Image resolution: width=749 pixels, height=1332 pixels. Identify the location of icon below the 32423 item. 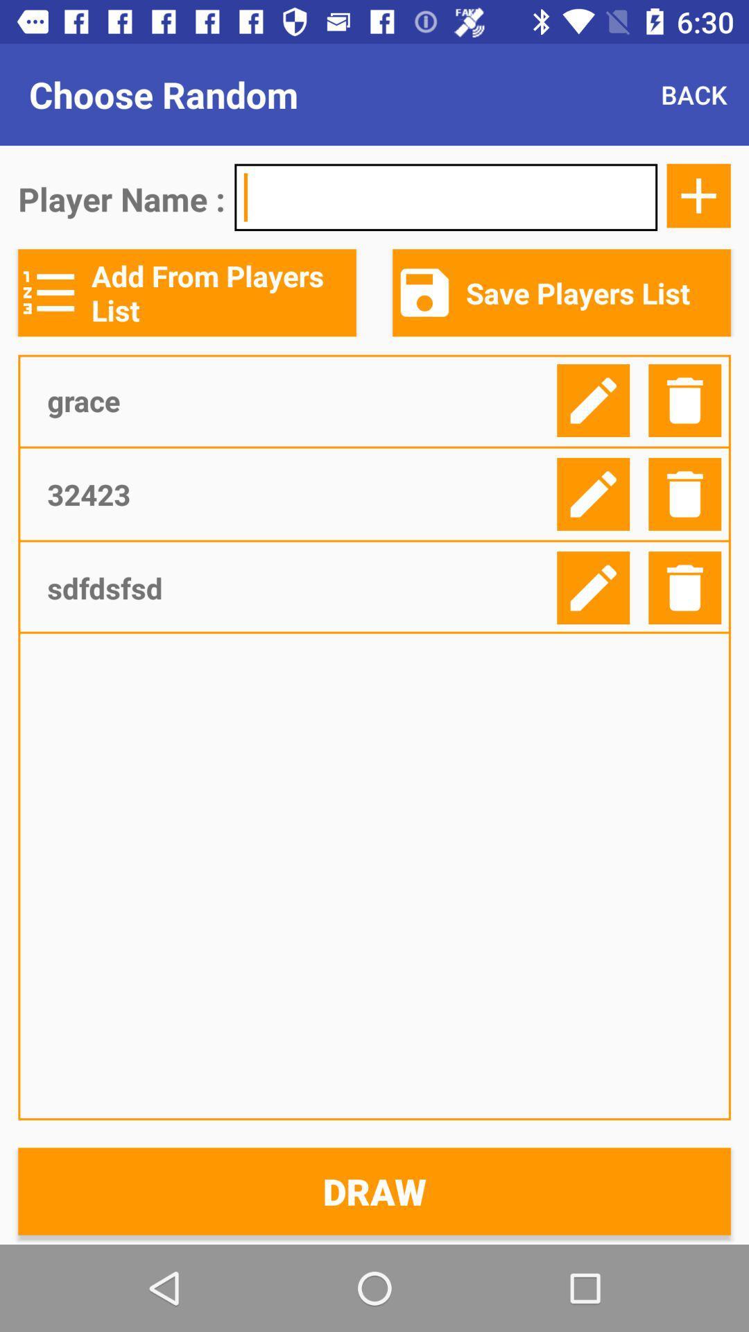
(296, 588).